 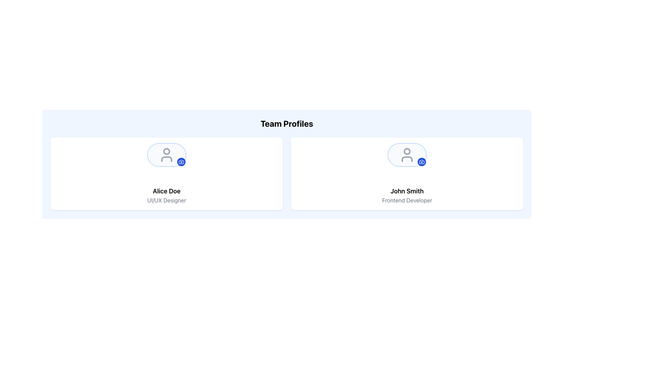 I want to click on the camera icon located at the bottom right corner of the circular profile image placeholder, so click(x=181, y=162).